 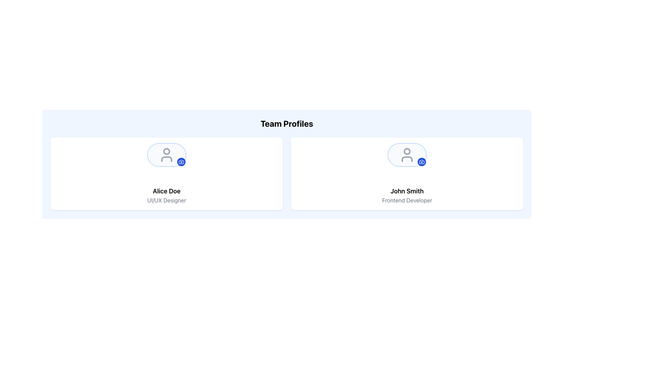 I want to click on the camera icon located at the bottom right corner of the circular profile image placeholder, so click(x=181, y=162).